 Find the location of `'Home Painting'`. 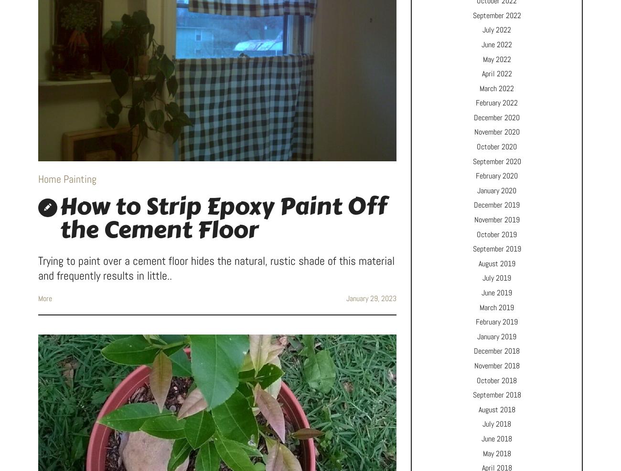

'Home Painting' is located at coordinates (67, 178).